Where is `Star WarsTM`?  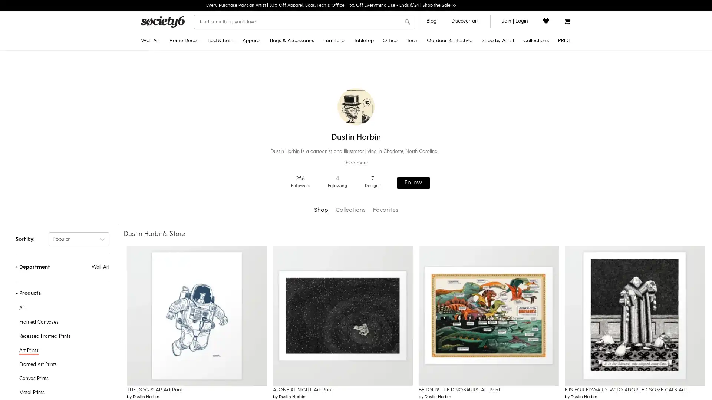 Star WarsTM is located at coordinates (478, 71).